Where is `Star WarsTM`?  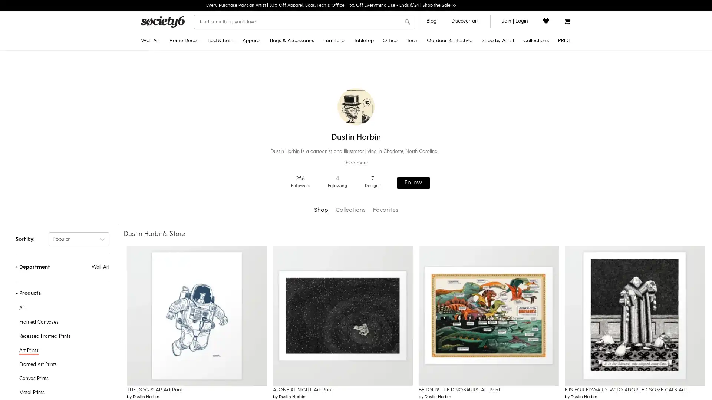 Star WarsTM is located at coordinates (478, 71).